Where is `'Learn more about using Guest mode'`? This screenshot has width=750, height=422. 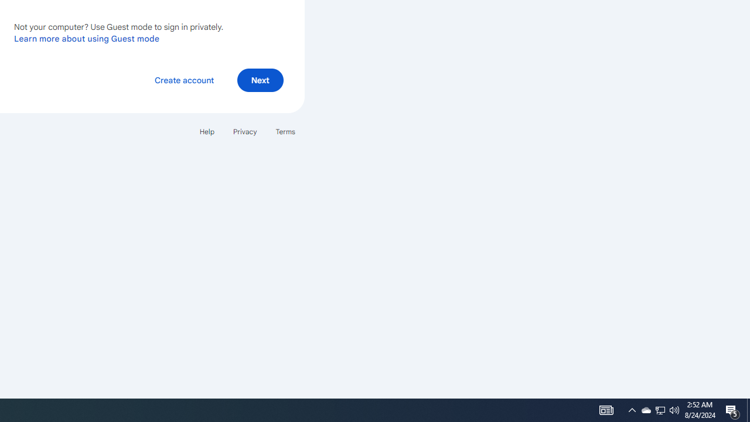 'Learn more about using Guest mode' is located at coordinates (86, 38).